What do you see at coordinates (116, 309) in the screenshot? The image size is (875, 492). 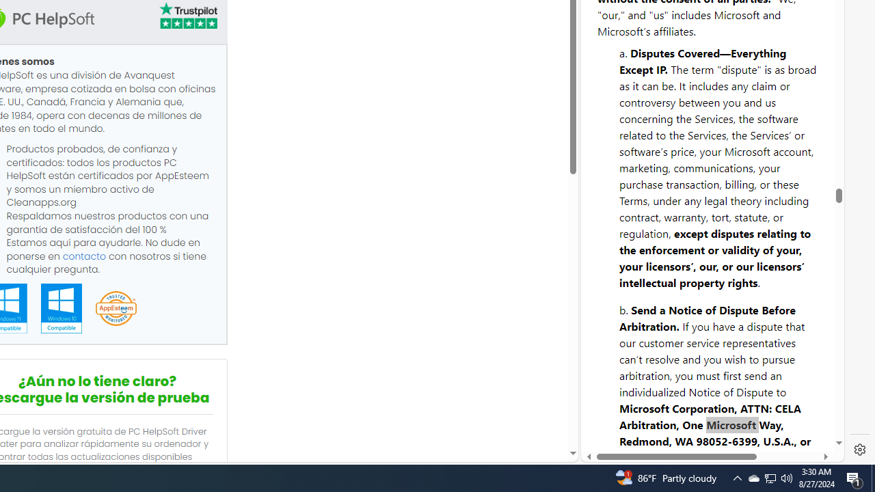 I see `'App Esteem'` at bounding box center [116, 309].